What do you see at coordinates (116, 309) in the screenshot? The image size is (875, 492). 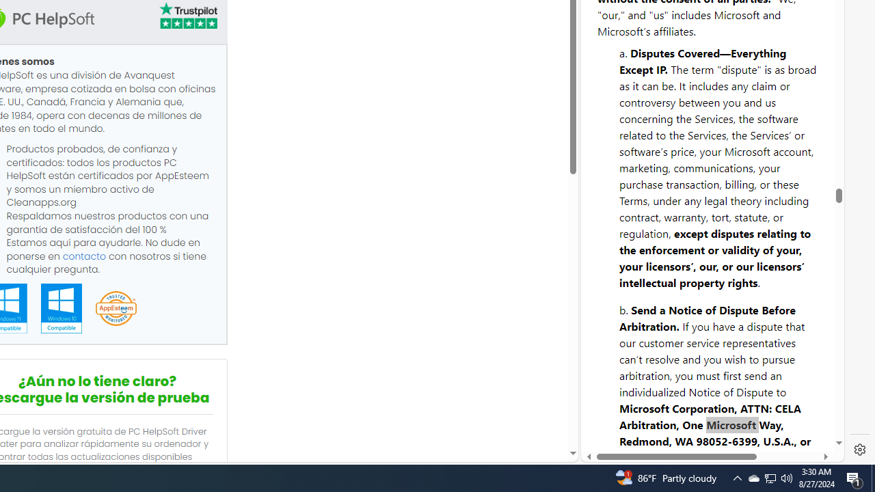 I see `'App Esteem'` at bounding box center [116, 309].